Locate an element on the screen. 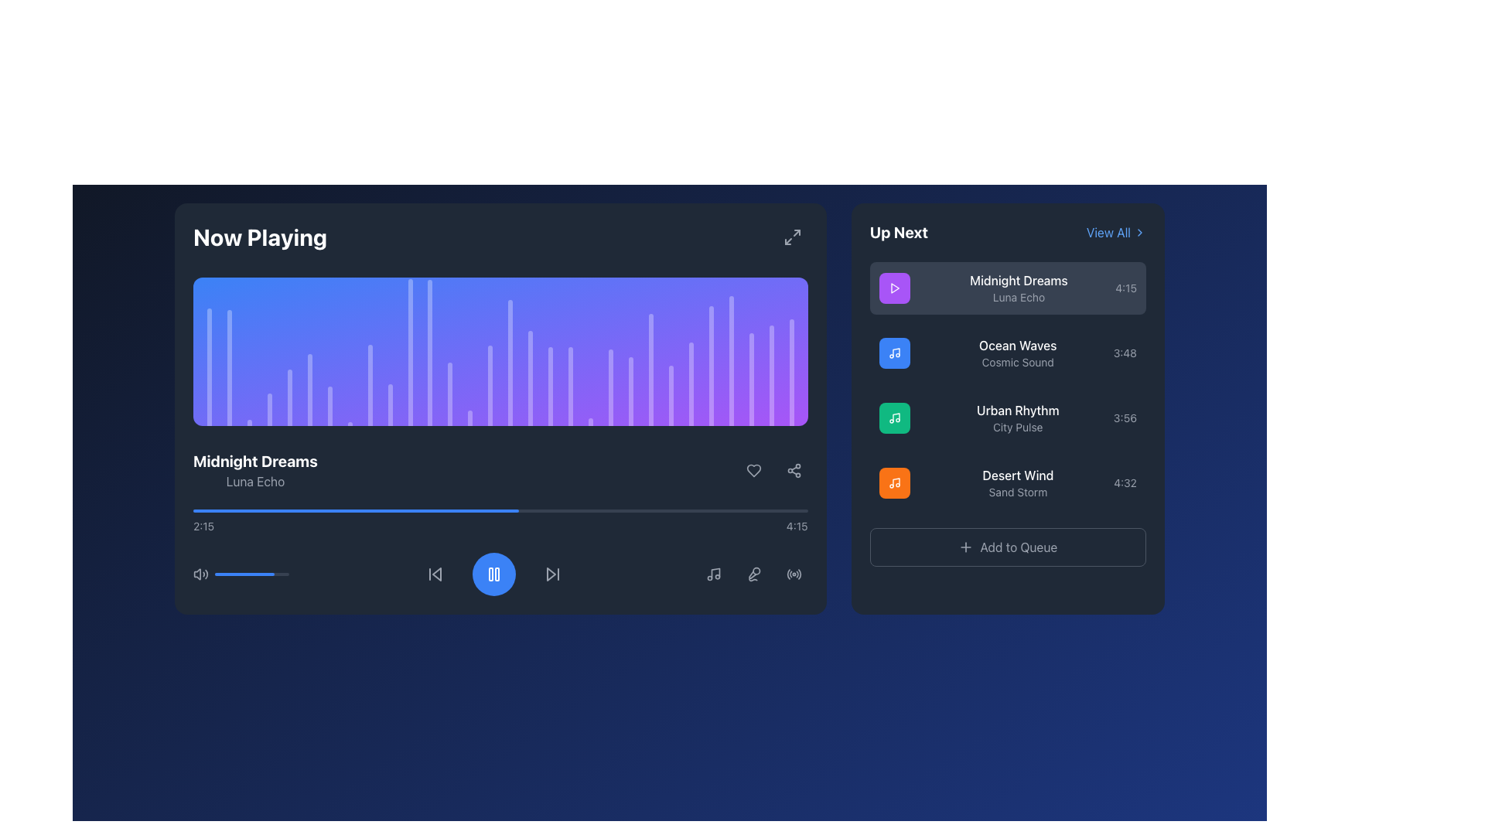 The height and width of the screenshot is (835, 1485). the visual representation of the song icon for 'Urban Rhythm', which features a musical note motif and is located in the 'Up Next' section beside the song title is located at coordinates (894, 417).